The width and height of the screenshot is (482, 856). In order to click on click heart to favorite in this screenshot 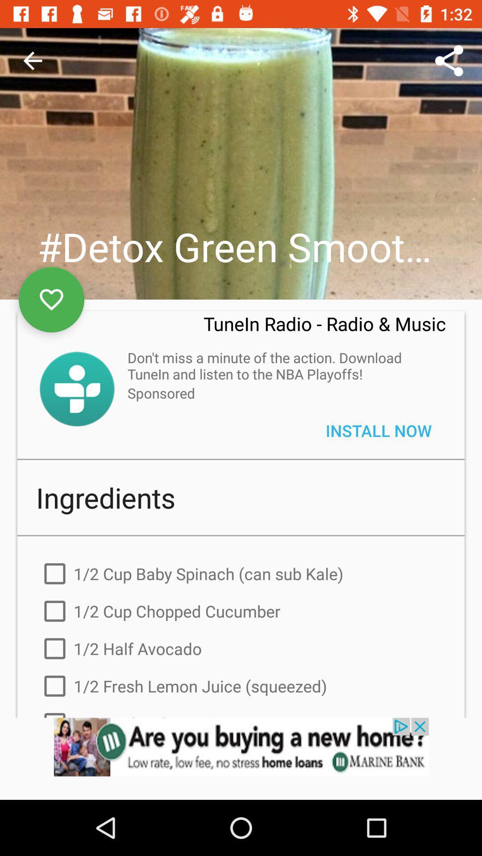, I will do `click(51, 300)`.